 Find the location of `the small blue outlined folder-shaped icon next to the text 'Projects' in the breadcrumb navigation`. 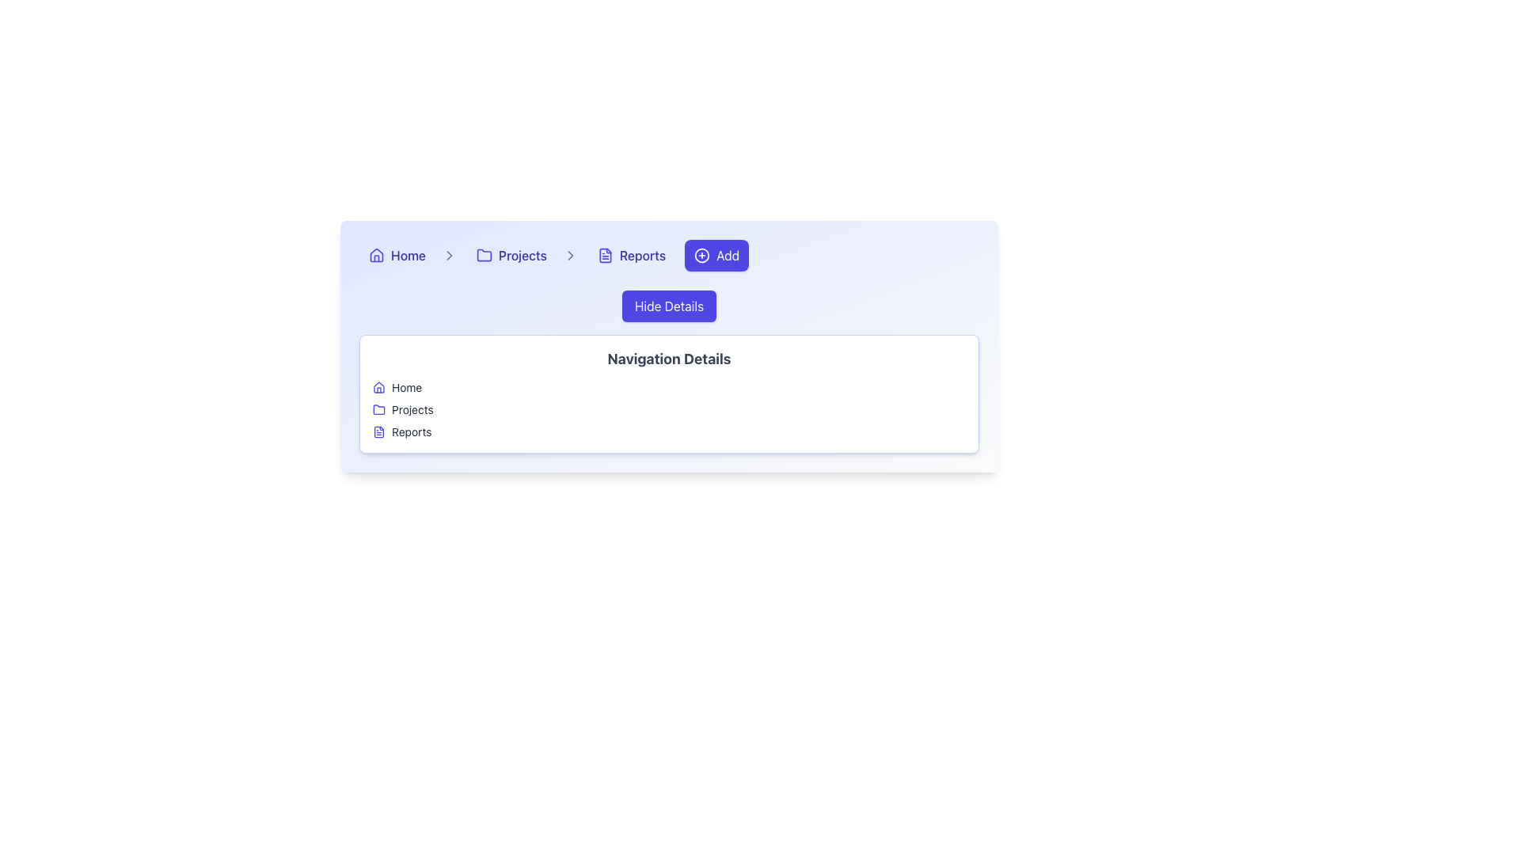

the small blue outlined folder-shaped icon next to the text 'Projects' in the breadcrumb navigation is located at coordinates (483, 255).